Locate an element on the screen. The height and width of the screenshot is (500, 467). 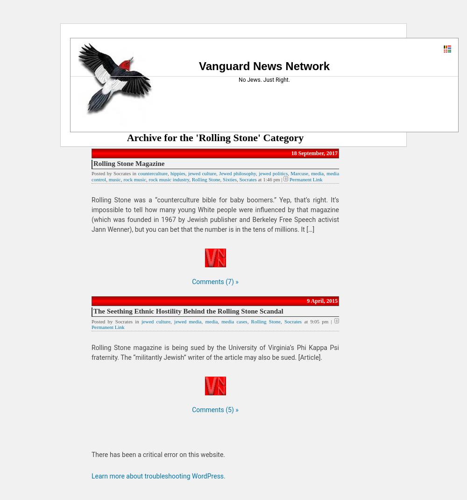
'counterculture' is located at coordinates (138, 172).